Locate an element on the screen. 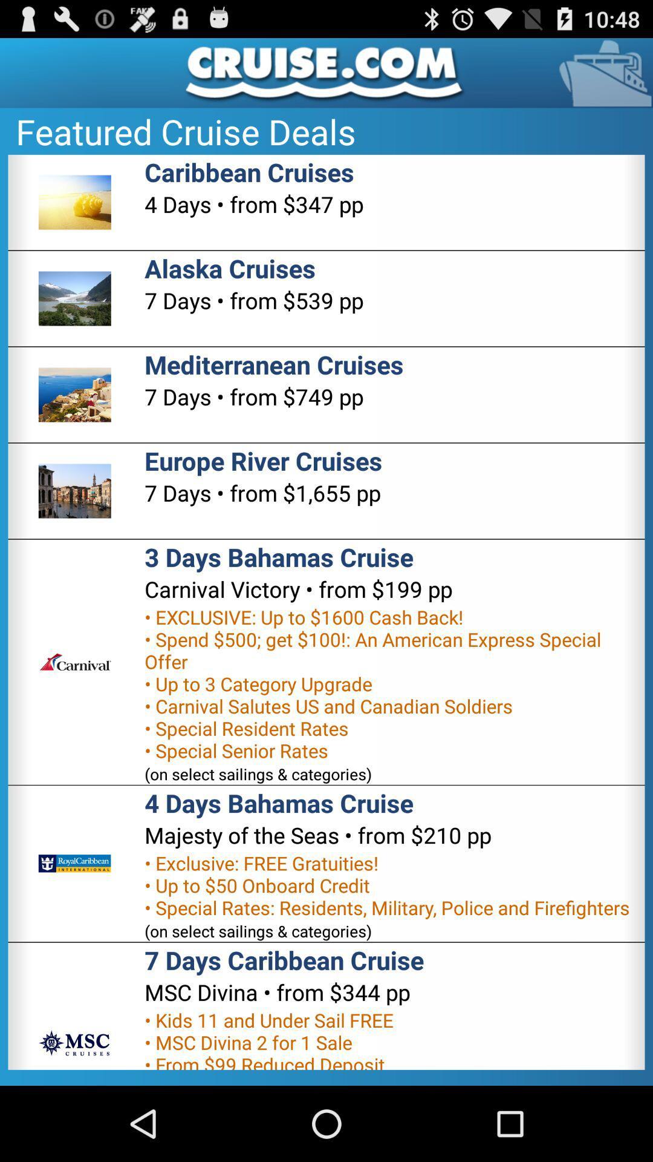  the app below the msc divina from icon is located at coordinates (290, 1037).